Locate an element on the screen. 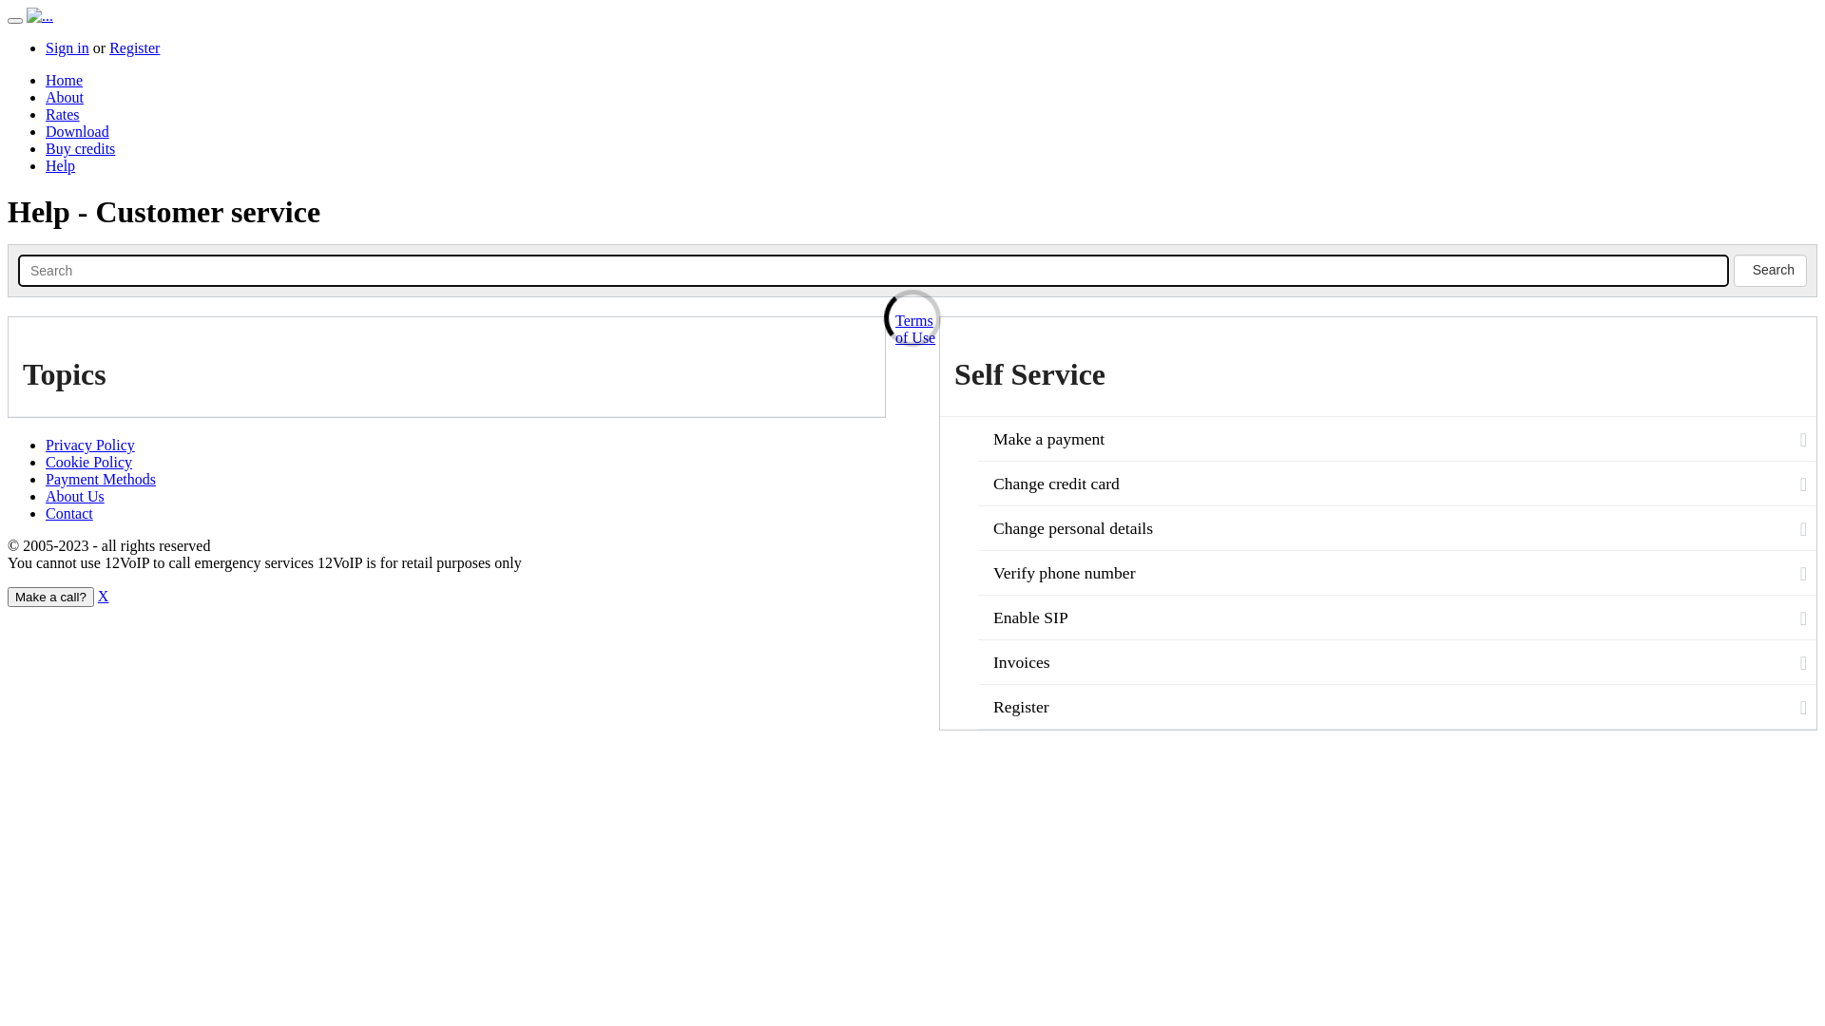 The height and width of the screenshot is (1026, 1825). 'About' is located at coordinates (64, 97).